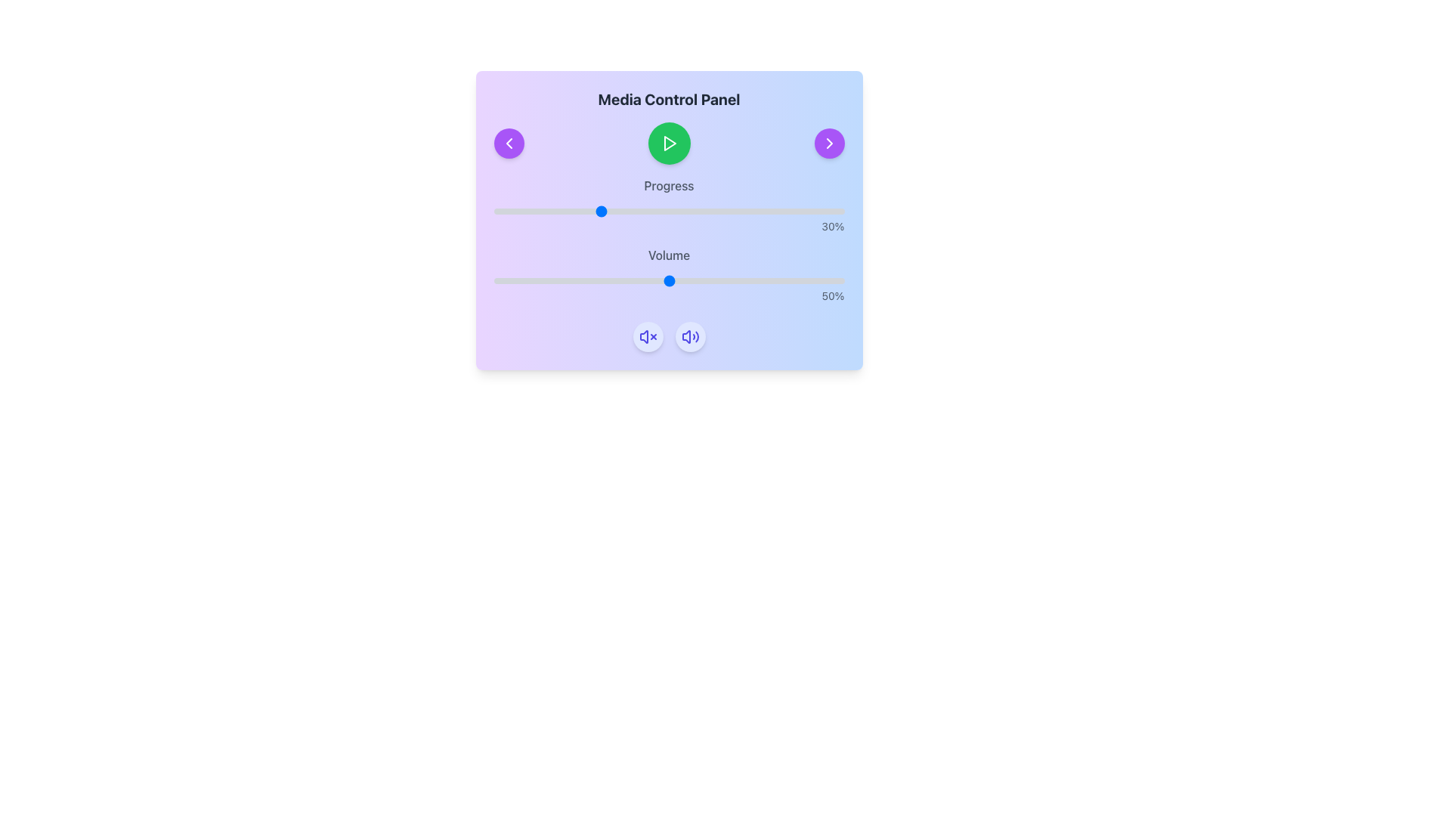 The image size is (1451, 816). Describe the element at coordinates (563, 212) in the screenshot. I see `the progress` at that location.